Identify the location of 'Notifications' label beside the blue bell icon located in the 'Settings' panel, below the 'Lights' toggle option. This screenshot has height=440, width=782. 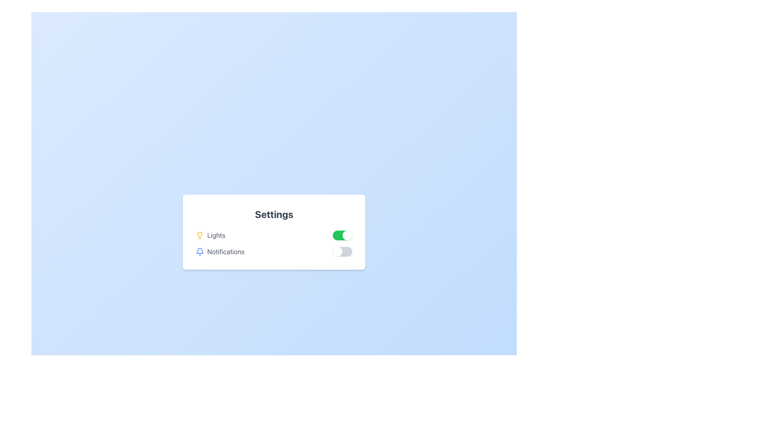
(220, 251).